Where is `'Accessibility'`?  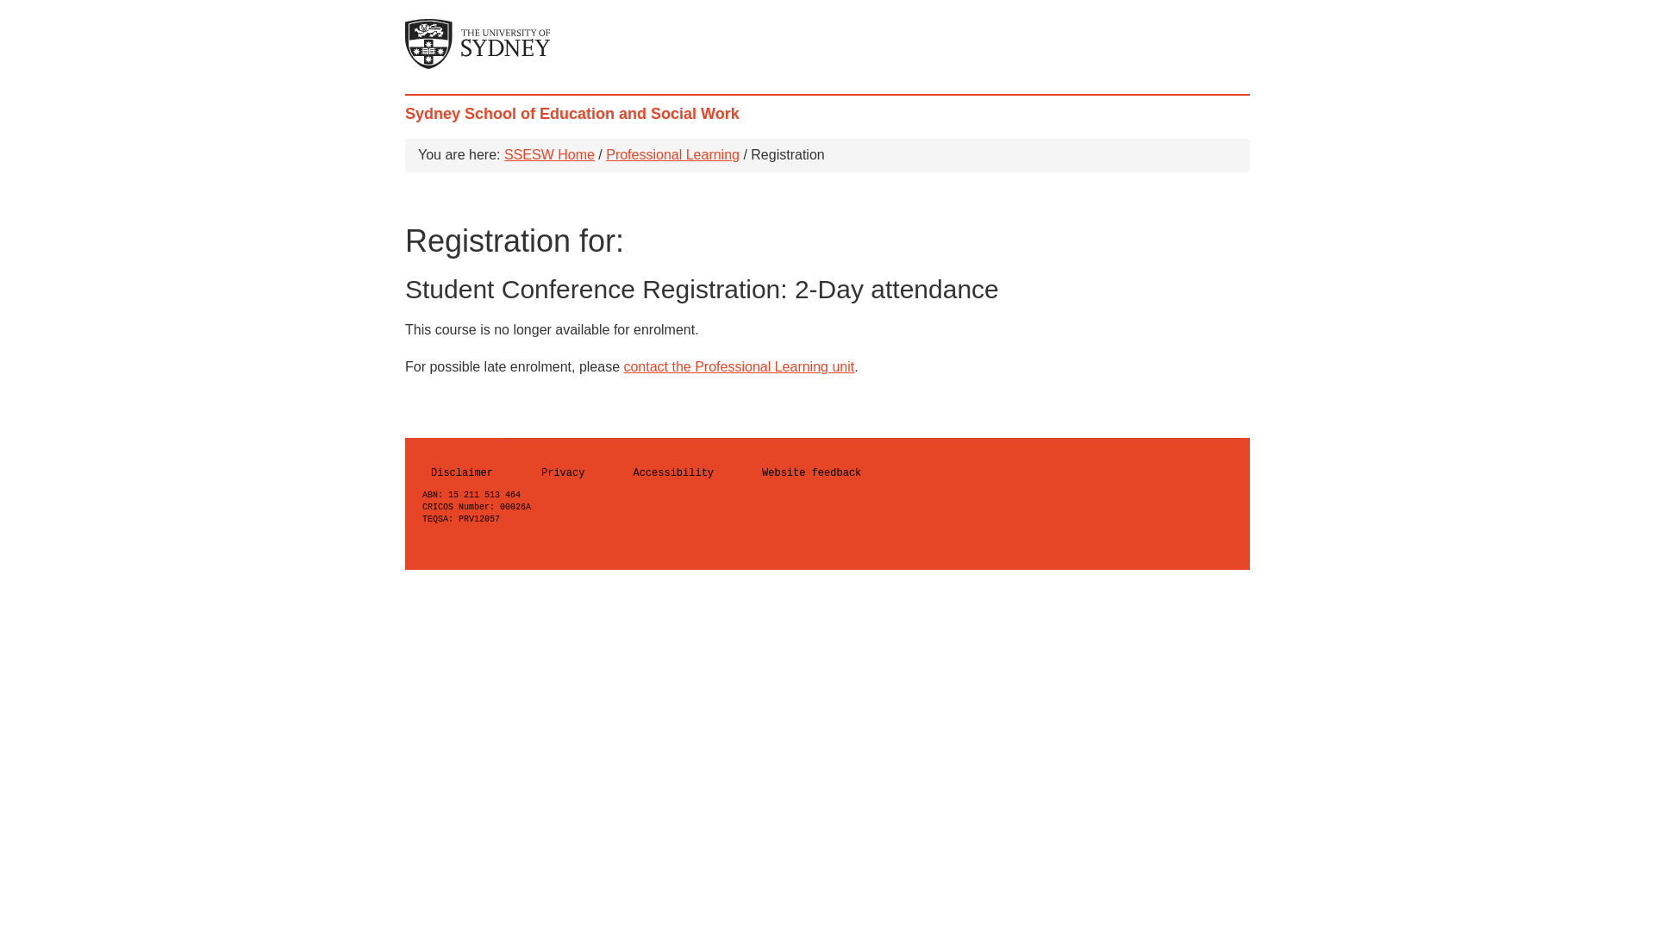
'Accessibility' is located at coordinates (697, 473).